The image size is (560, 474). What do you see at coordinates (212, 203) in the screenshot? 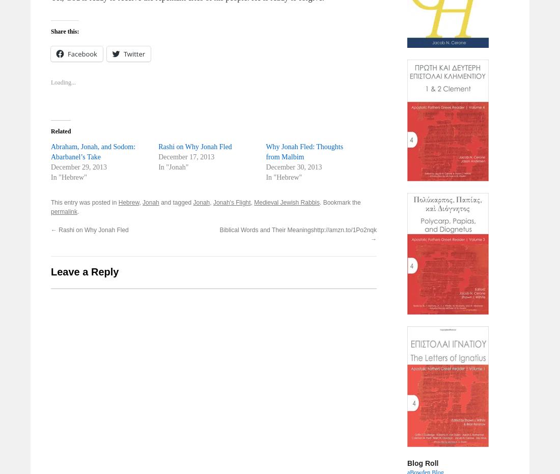
I see `'Jonah's Flight'` at bounding box center [212, 203].